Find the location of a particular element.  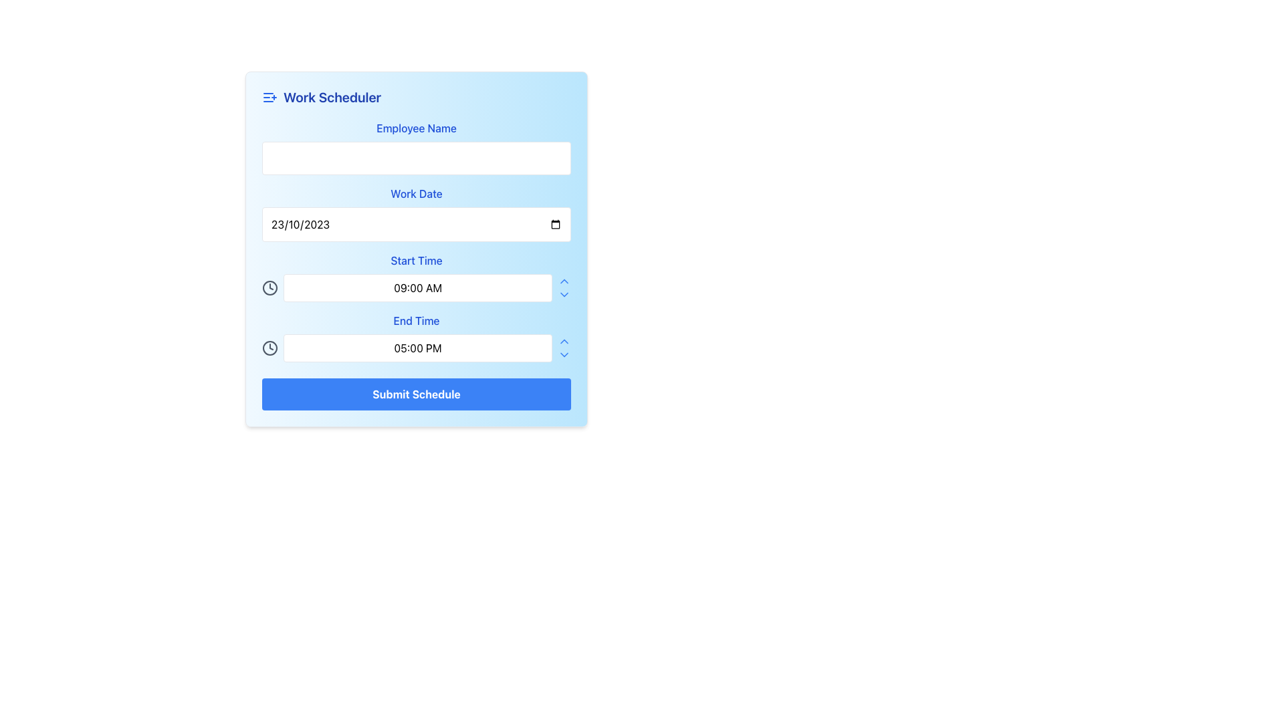

the upward-pointing blue chevron button located to the right of the 'Start Time' input field is located at coordinates (564, 280).